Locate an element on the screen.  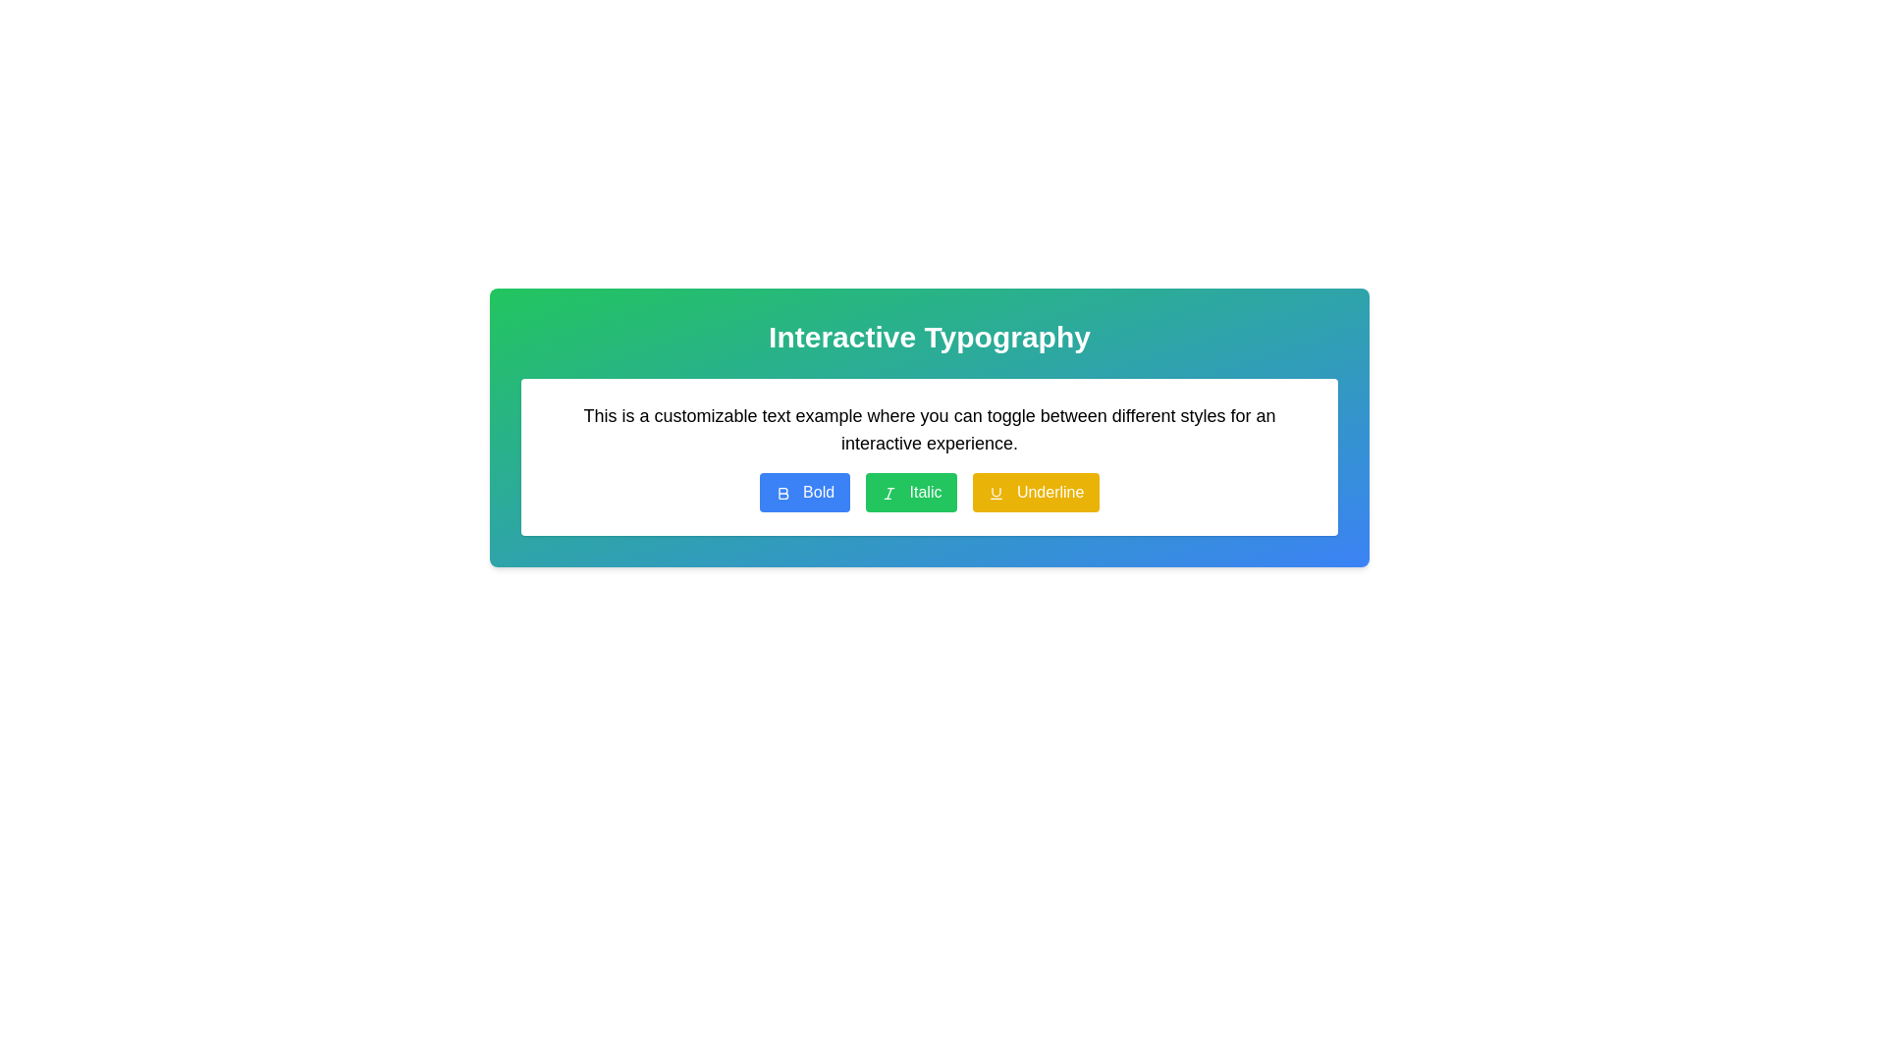
the Static Text that displays the sentence: 'This is a customizable text example where you can toggle between different styles for an interactive experience.' is located at coordinates (928, 429).